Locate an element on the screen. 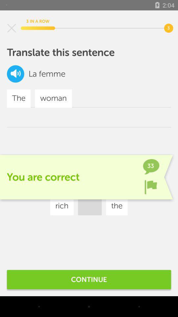 This screenshot has height=317, width=178. the star icon is located at coordinates (12, 28).